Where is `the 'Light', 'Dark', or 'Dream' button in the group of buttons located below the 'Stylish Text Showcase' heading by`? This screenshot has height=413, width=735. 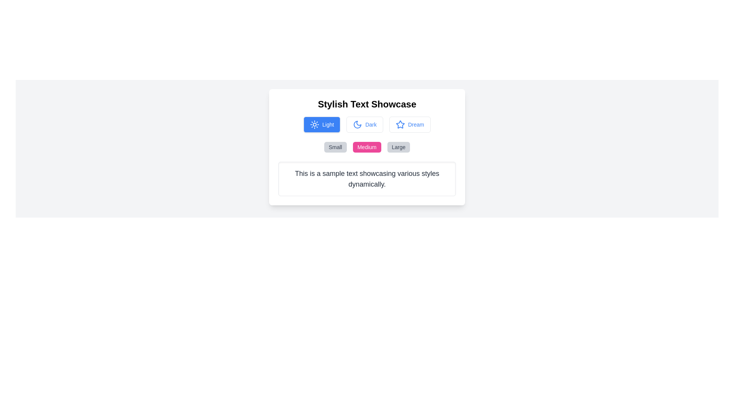
the 'Light', 'Dark', or 'Dream' button in the group of buttons located below the 'Stylish Text Showcase' heading by is located at coordinates (367, 124).